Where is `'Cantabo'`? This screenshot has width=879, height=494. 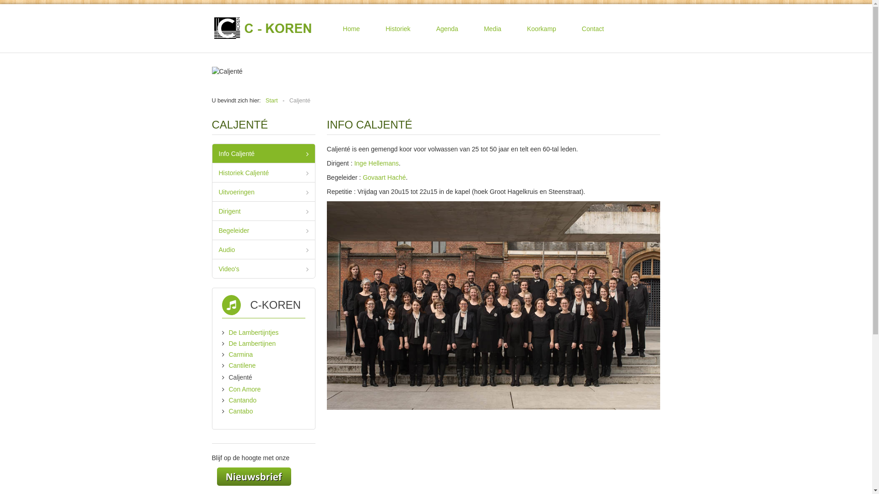
'Cantabo' is located at coordinates (241, 410).